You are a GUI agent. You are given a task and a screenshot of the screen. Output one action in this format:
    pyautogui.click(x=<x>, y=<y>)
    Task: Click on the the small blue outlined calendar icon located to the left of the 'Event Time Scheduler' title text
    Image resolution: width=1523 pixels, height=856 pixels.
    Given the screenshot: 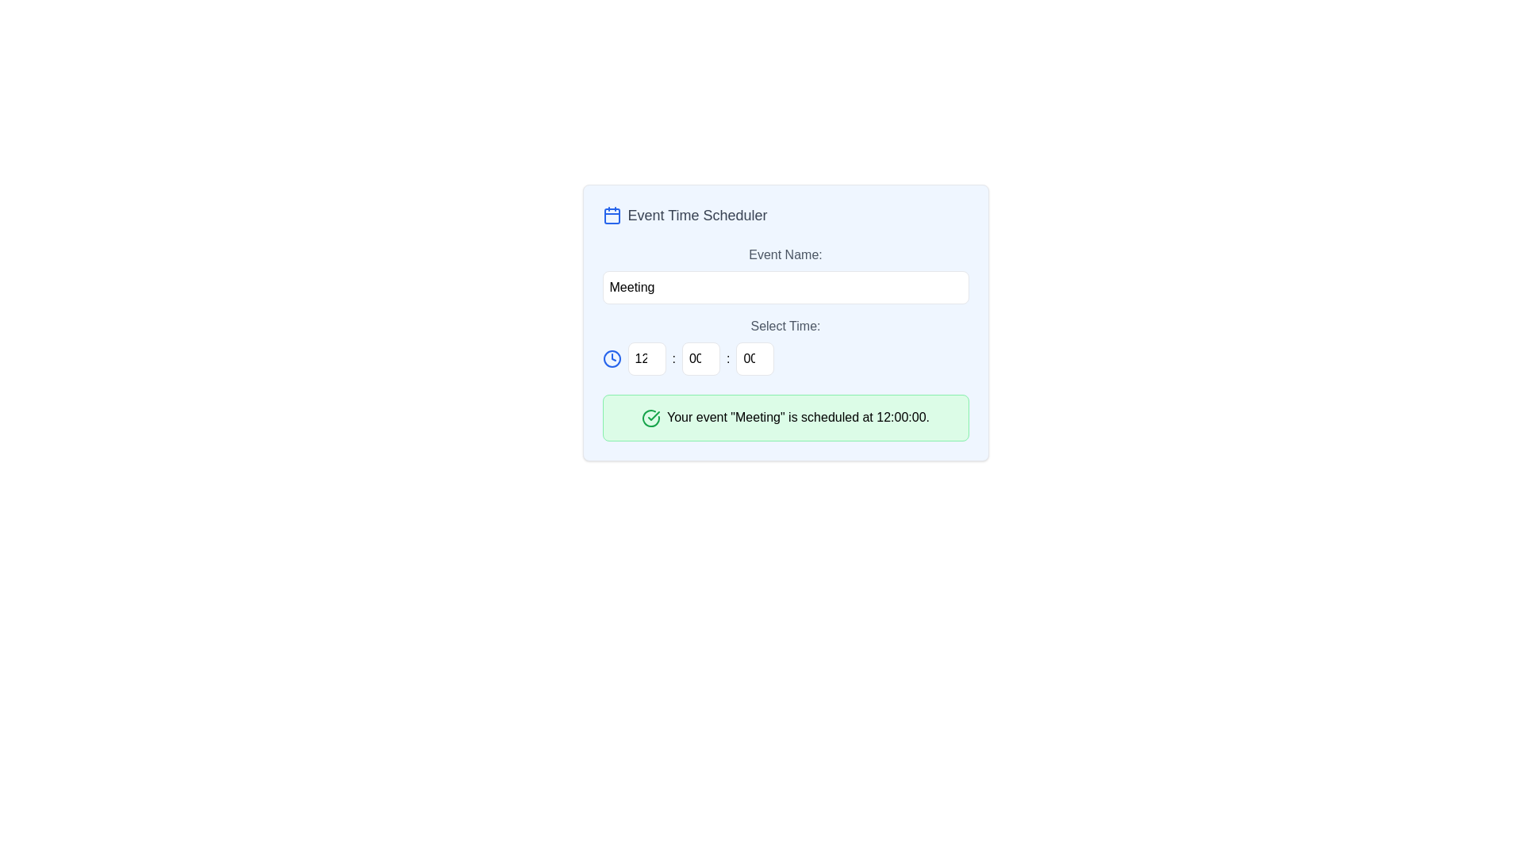 What is the action you would take?
    pyautogui.click(x=611, y=216)
    